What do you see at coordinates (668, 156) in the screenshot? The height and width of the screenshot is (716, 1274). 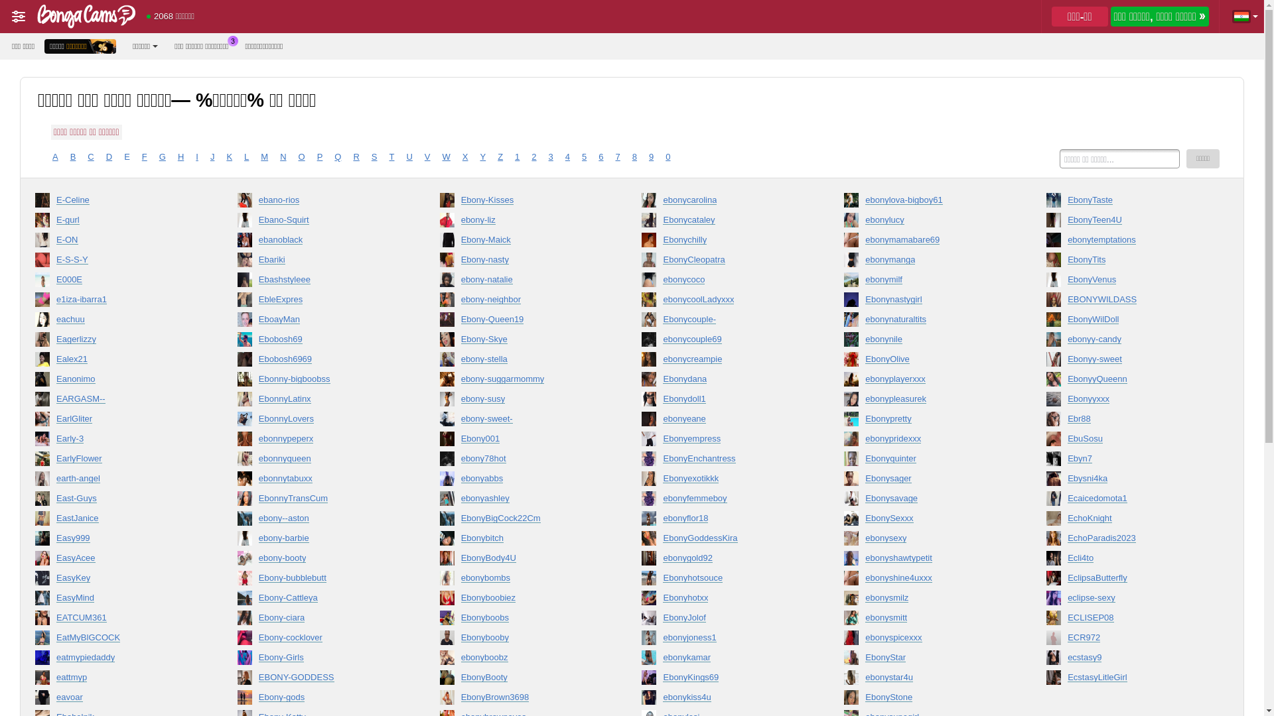 I see `'0'` at bounding box center [668, 156].